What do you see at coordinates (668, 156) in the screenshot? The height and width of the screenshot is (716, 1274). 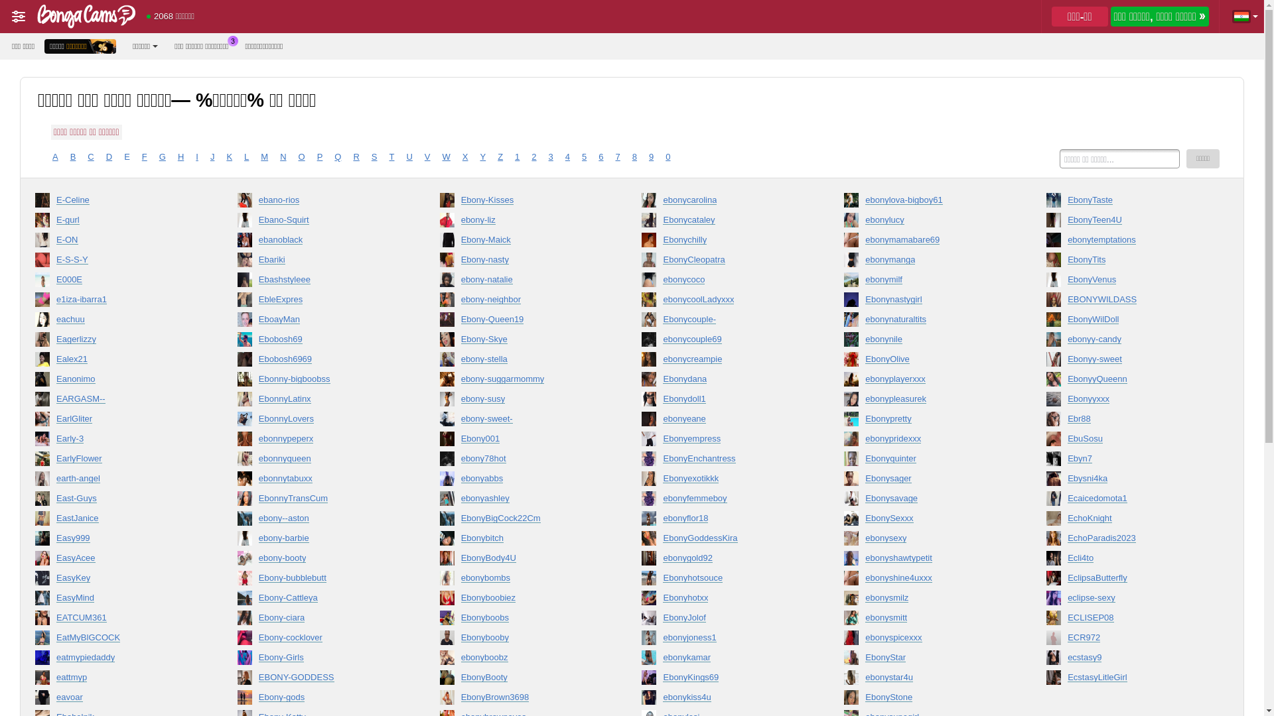 I see `'0'` at bounding box center [668, 156].